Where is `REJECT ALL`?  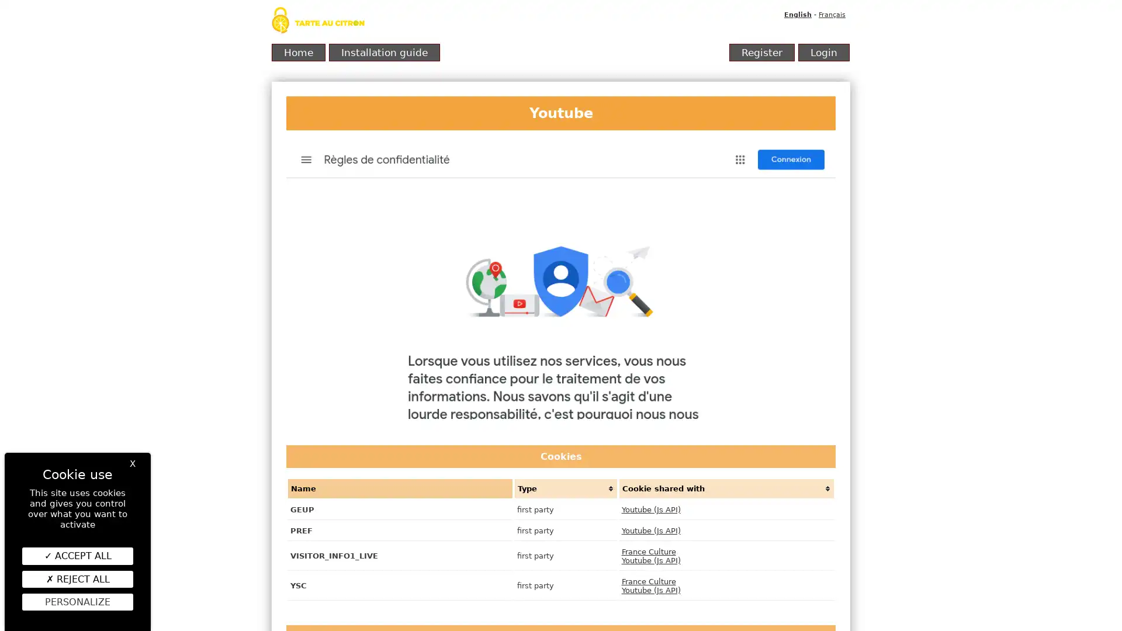
REJECT ALL is located at coordinates (77, 578).